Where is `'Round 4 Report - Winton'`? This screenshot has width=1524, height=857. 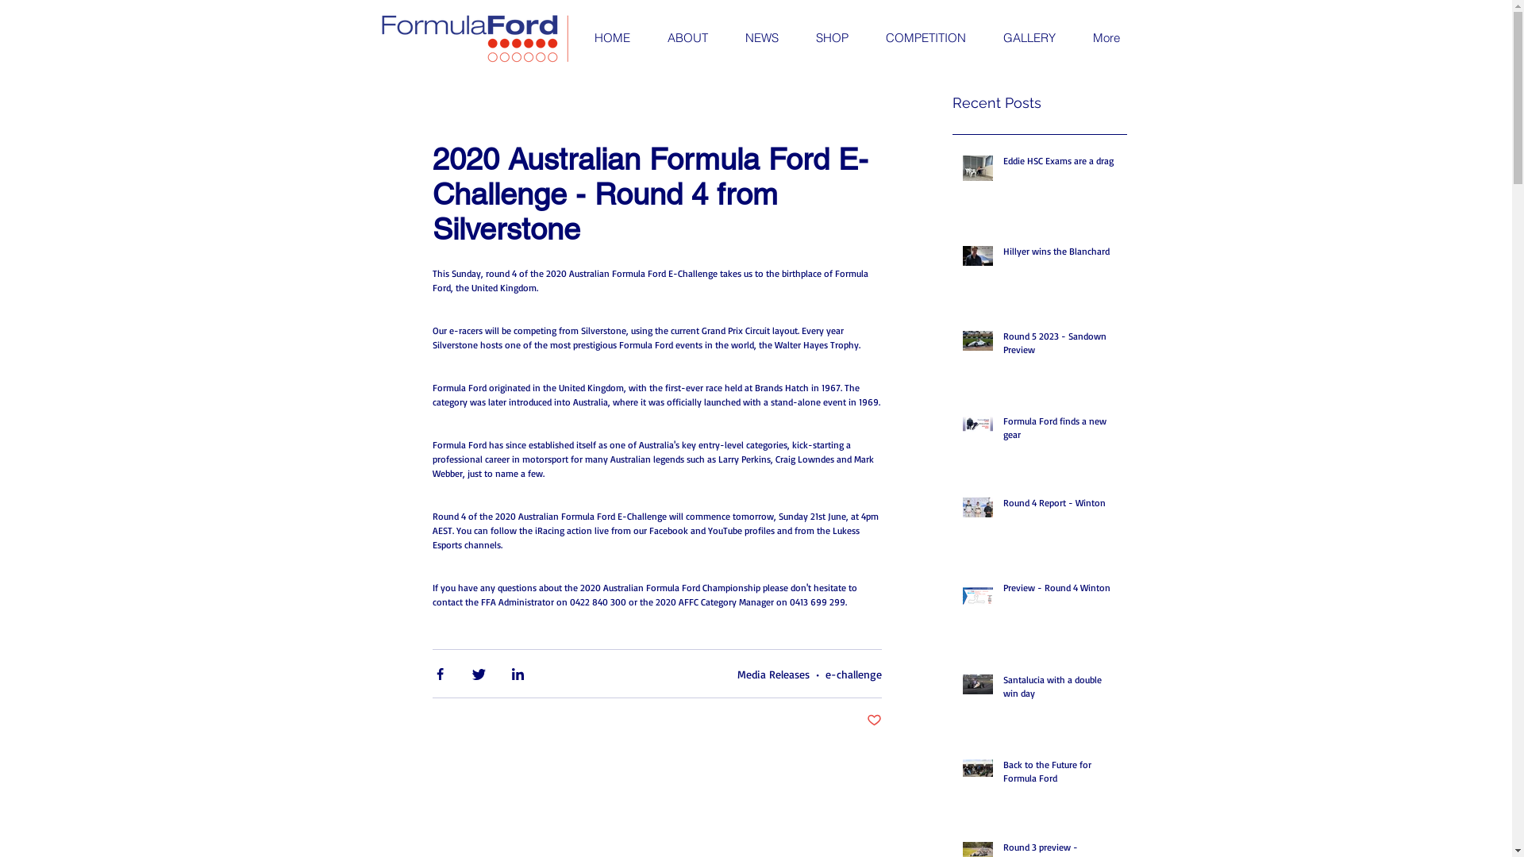
'Round 4 Report - Winton' is located at coordinates (1060, 506).